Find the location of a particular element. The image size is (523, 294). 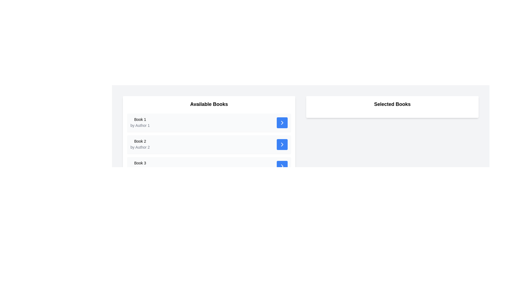

the blue rectangular button with a white right-chevron icon located in the far right corner of the list item for 'Book 2 by Author 2' in the 'Available Books' section is located at coordinates (282, 144).